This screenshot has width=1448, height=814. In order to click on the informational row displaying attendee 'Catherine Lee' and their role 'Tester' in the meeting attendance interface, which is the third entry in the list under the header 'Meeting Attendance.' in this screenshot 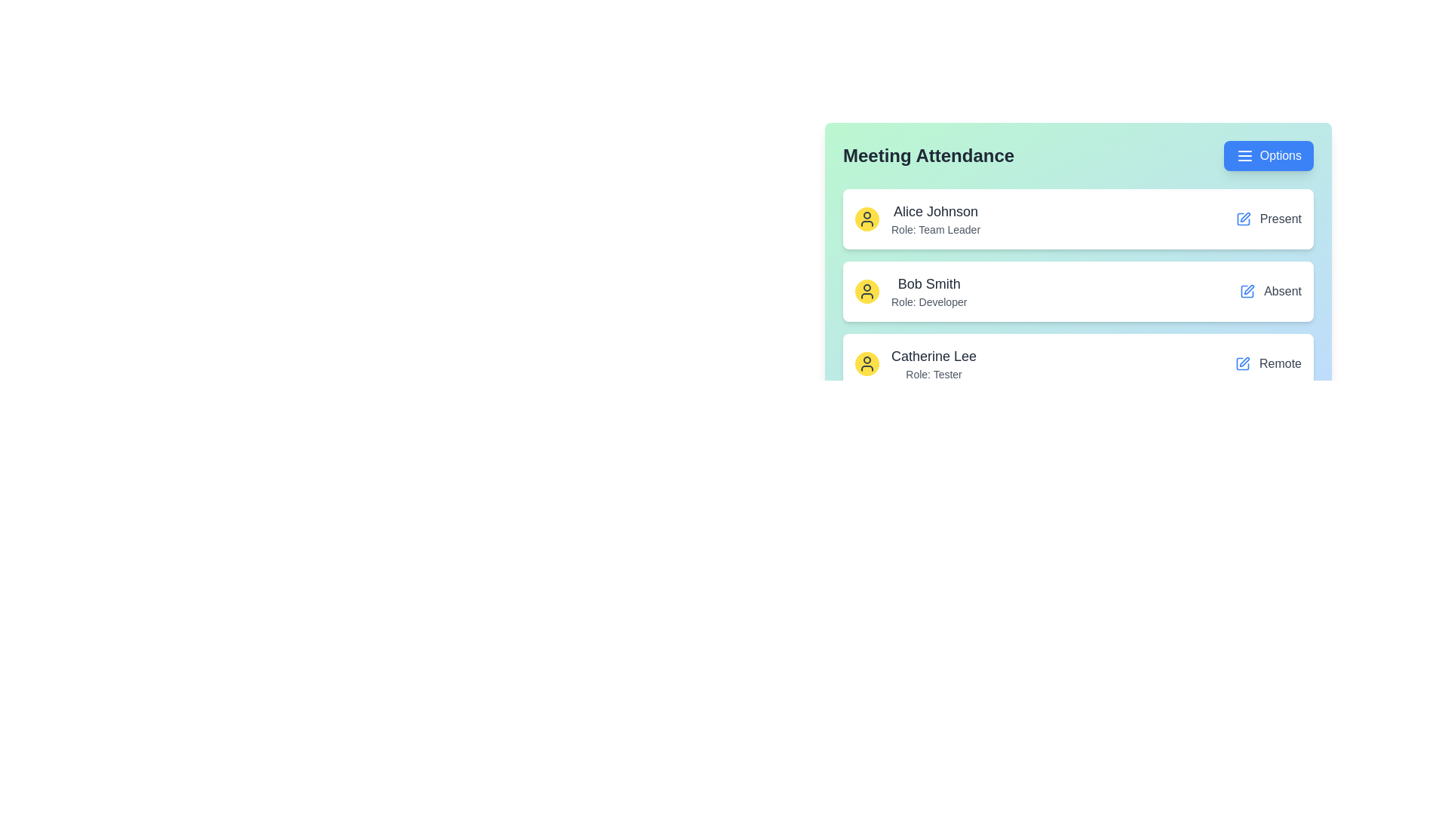, I will do `click(915, 363)`.